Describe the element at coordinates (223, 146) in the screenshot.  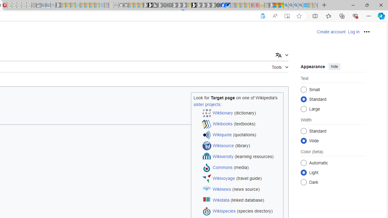
I see `'Wikisource'` at that location.